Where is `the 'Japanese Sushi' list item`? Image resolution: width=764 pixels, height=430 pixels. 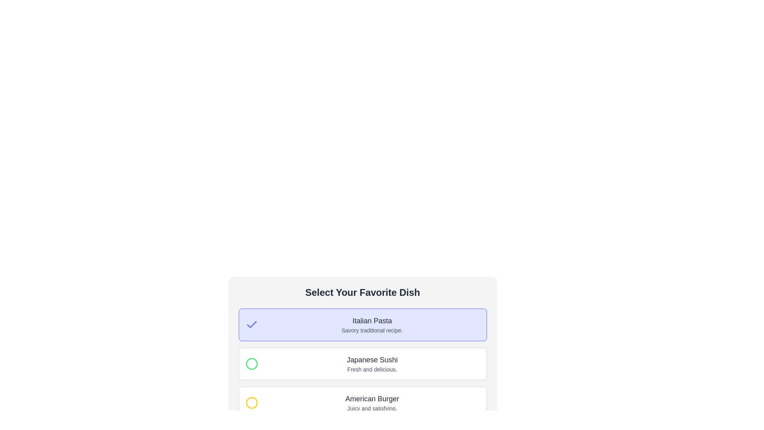
the 'Japanese Sushi' list item is located at coordinates (362, 364).